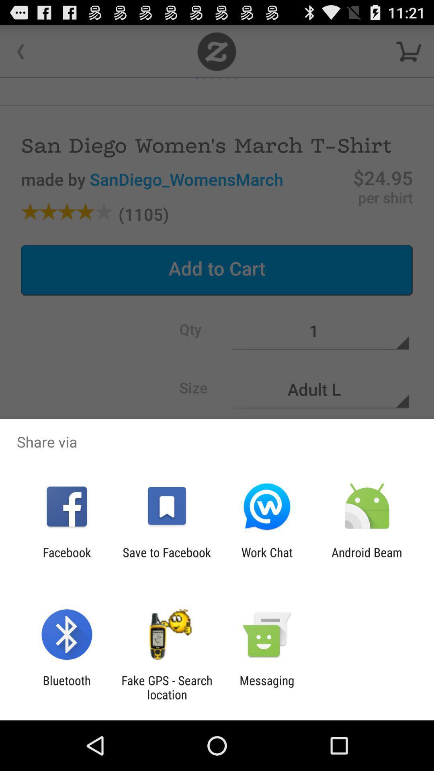 Image resolution: width=434 pixels, height=771 pixels. I want to click on item next to the fake gps search icon, so click(267, 687).